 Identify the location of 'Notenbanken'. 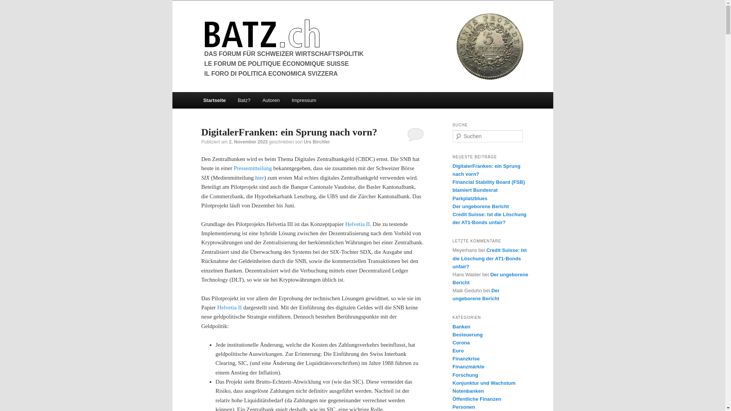
(467, 391).